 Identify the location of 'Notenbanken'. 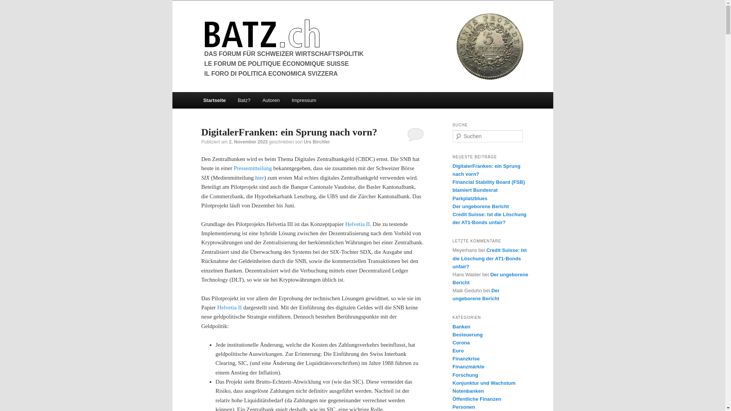
(467, 391).